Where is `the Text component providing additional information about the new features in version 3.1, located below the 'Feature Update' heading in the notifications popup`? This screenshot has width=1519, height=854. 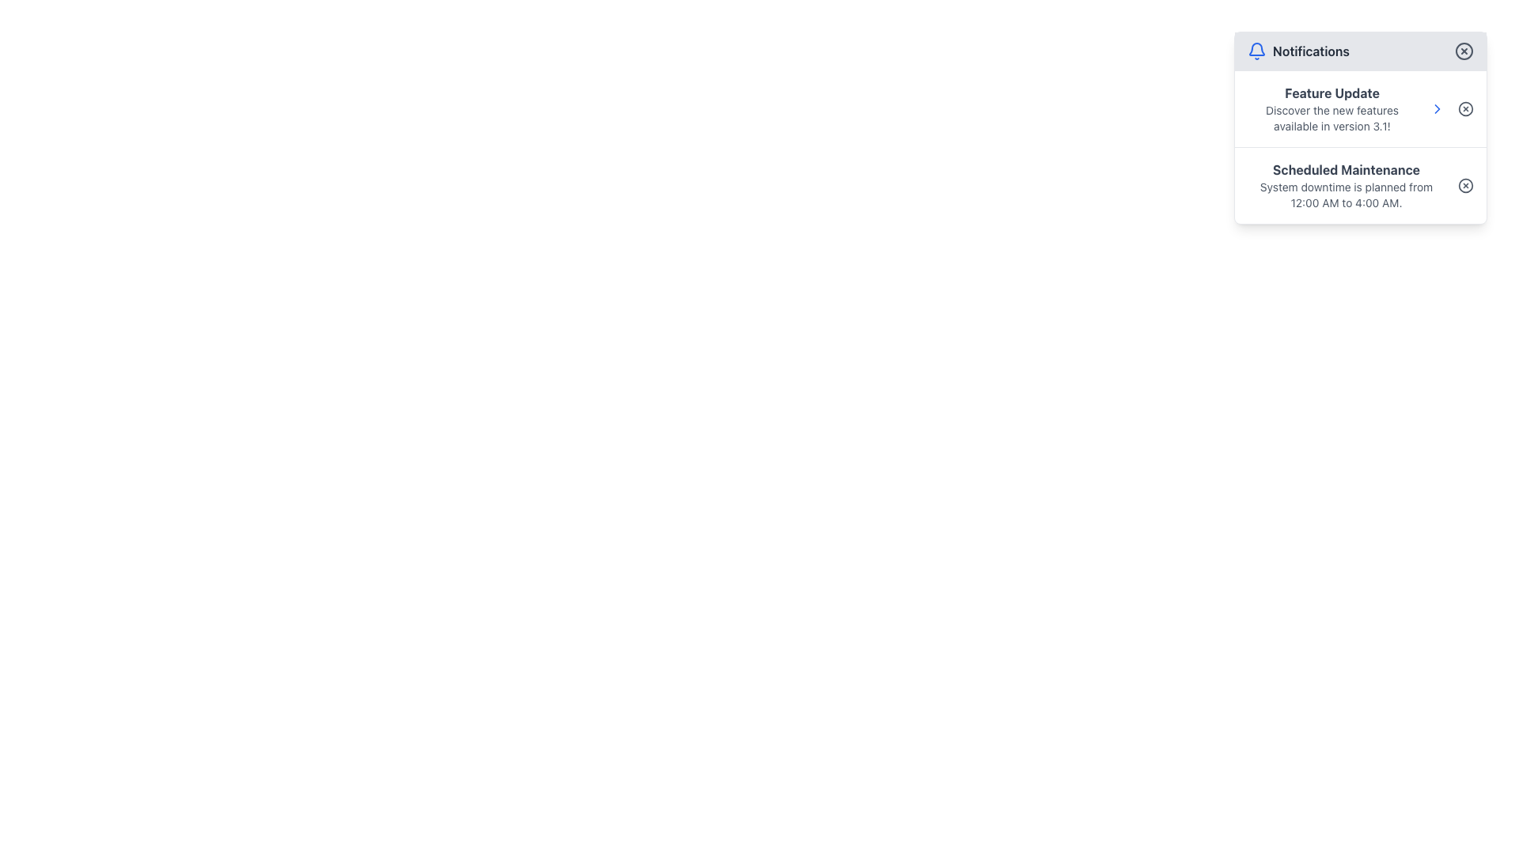
the Text component providing additional information about the new features in version 3.1, located below the 'Feature Update' heading in the notifications popup is located at coordinates (1331, 118).